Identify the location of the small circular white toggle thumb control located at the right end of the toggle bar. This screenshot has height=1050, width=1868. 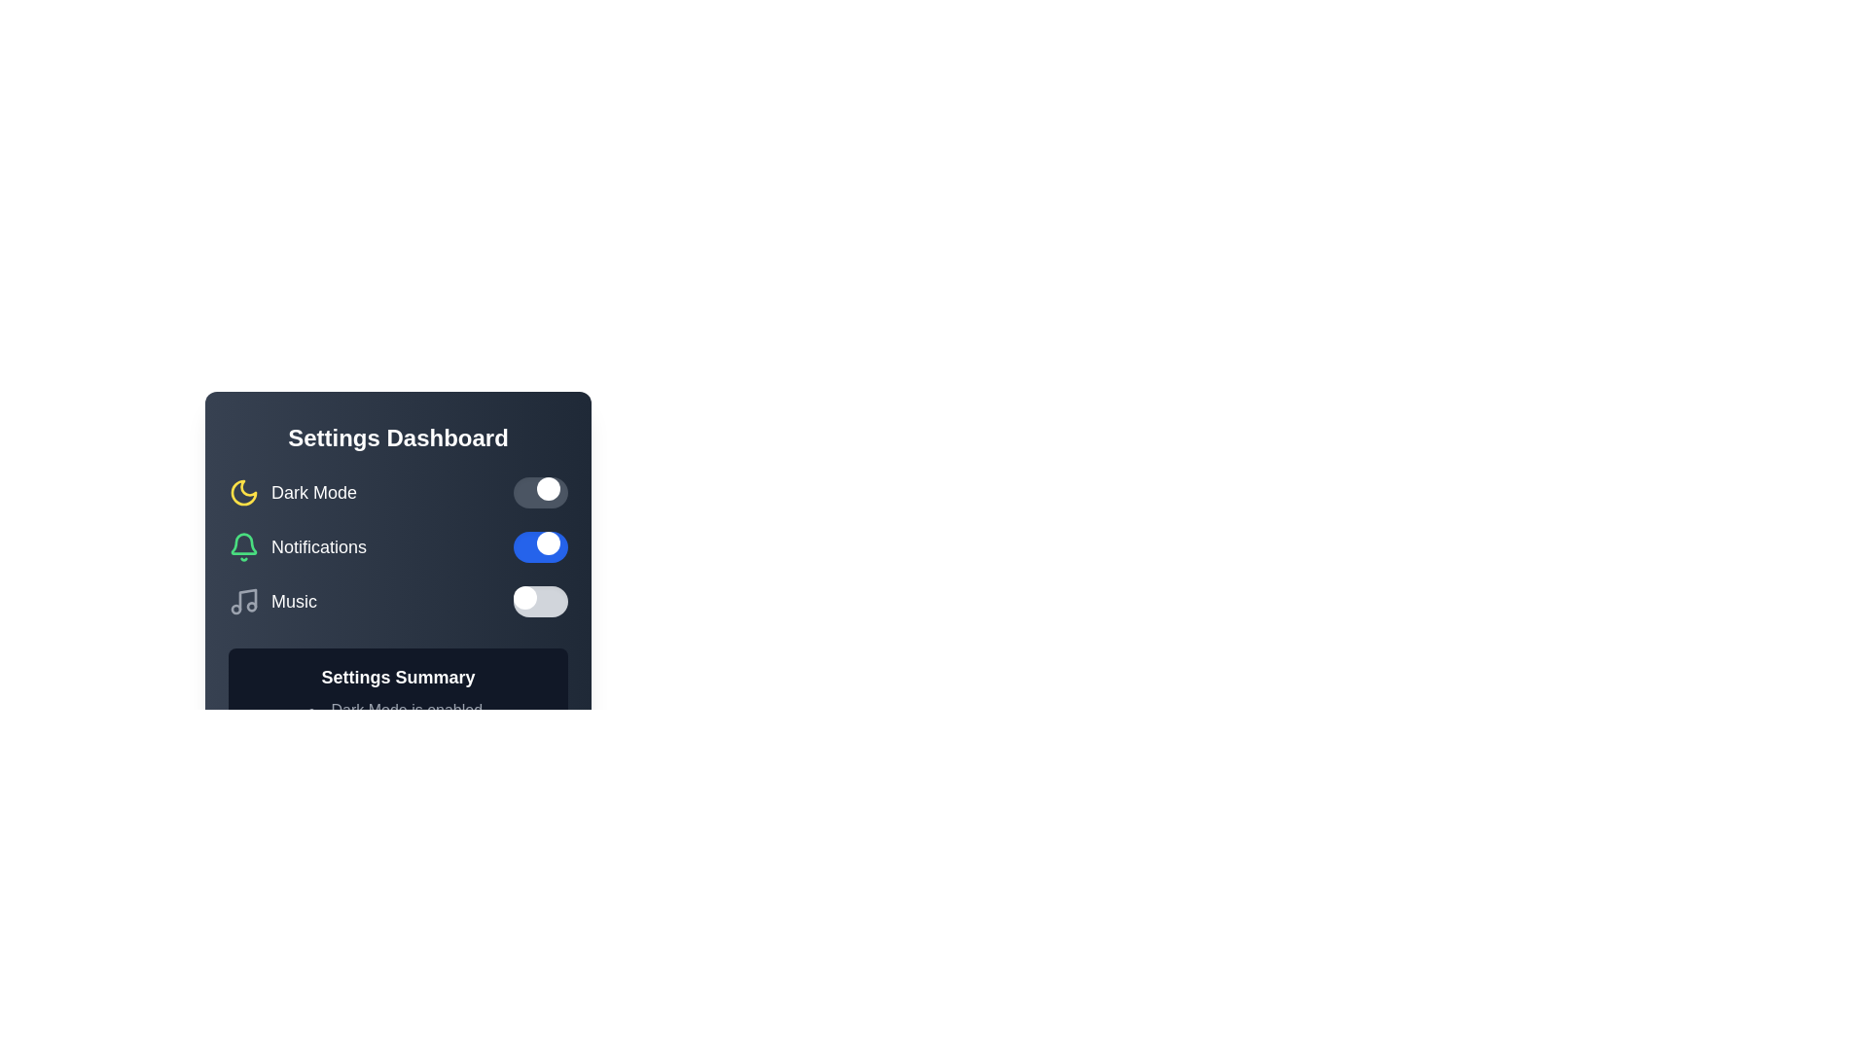
(548, 487).